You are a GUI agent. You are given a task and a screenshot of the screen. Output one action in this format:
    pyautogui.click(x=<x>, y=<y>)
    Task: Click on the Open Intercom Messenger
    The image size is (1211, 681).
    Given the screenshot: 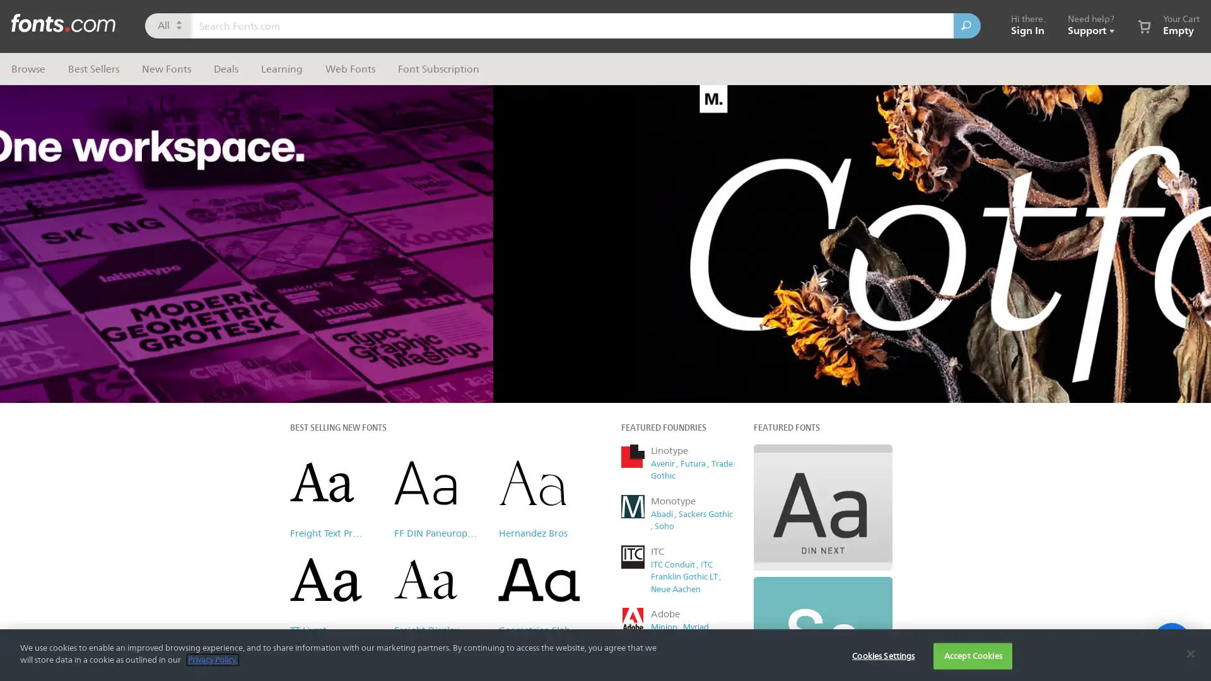 What is the action you would take?
    pyautogui.click(x=1171, y=642)
    